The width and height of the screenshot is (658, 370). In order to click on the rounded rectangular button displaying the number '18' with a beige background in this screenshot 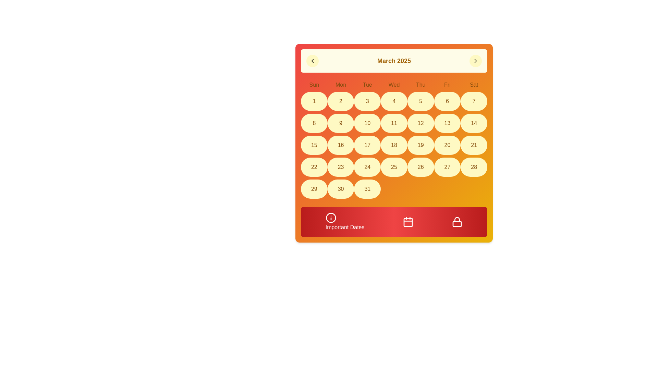, I will do `click(394, 145)`.